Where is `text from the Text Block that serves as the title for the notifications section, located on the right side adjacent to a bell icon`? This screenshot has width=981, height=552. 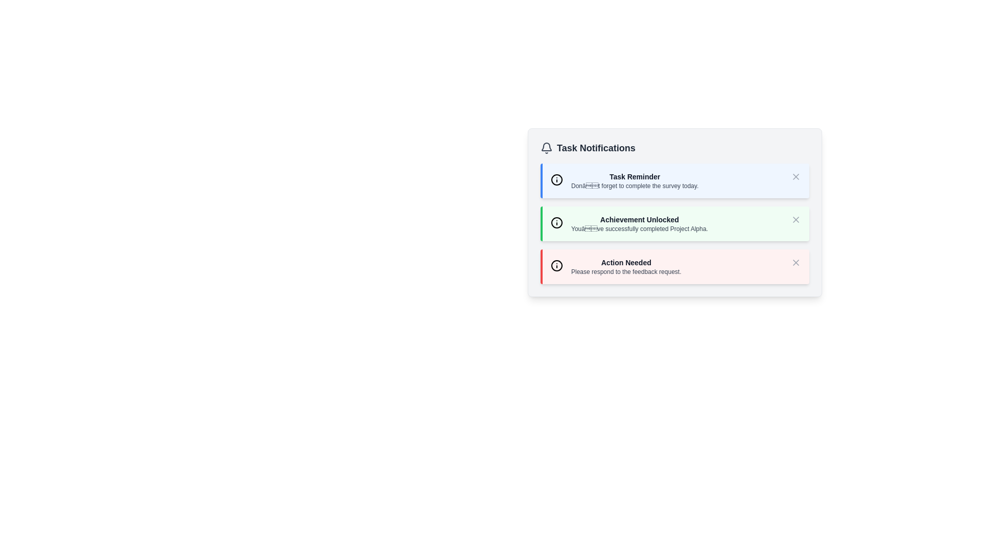
text from the Text Block that serves as the title for the notifications section, located on the right side adjacent to a bell icon is located at coordinates (596, 148).